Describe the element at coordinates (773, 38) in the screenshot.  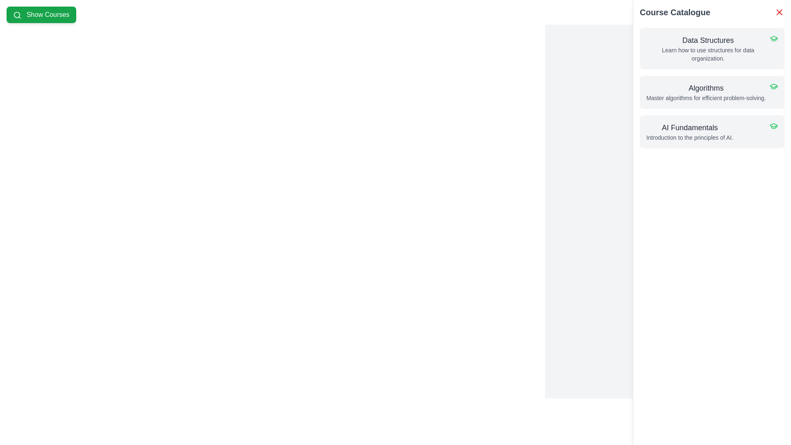
I see `the Decorative SVG component representing the graduation cap icon next to the 'Algorithms' course title` at that location.